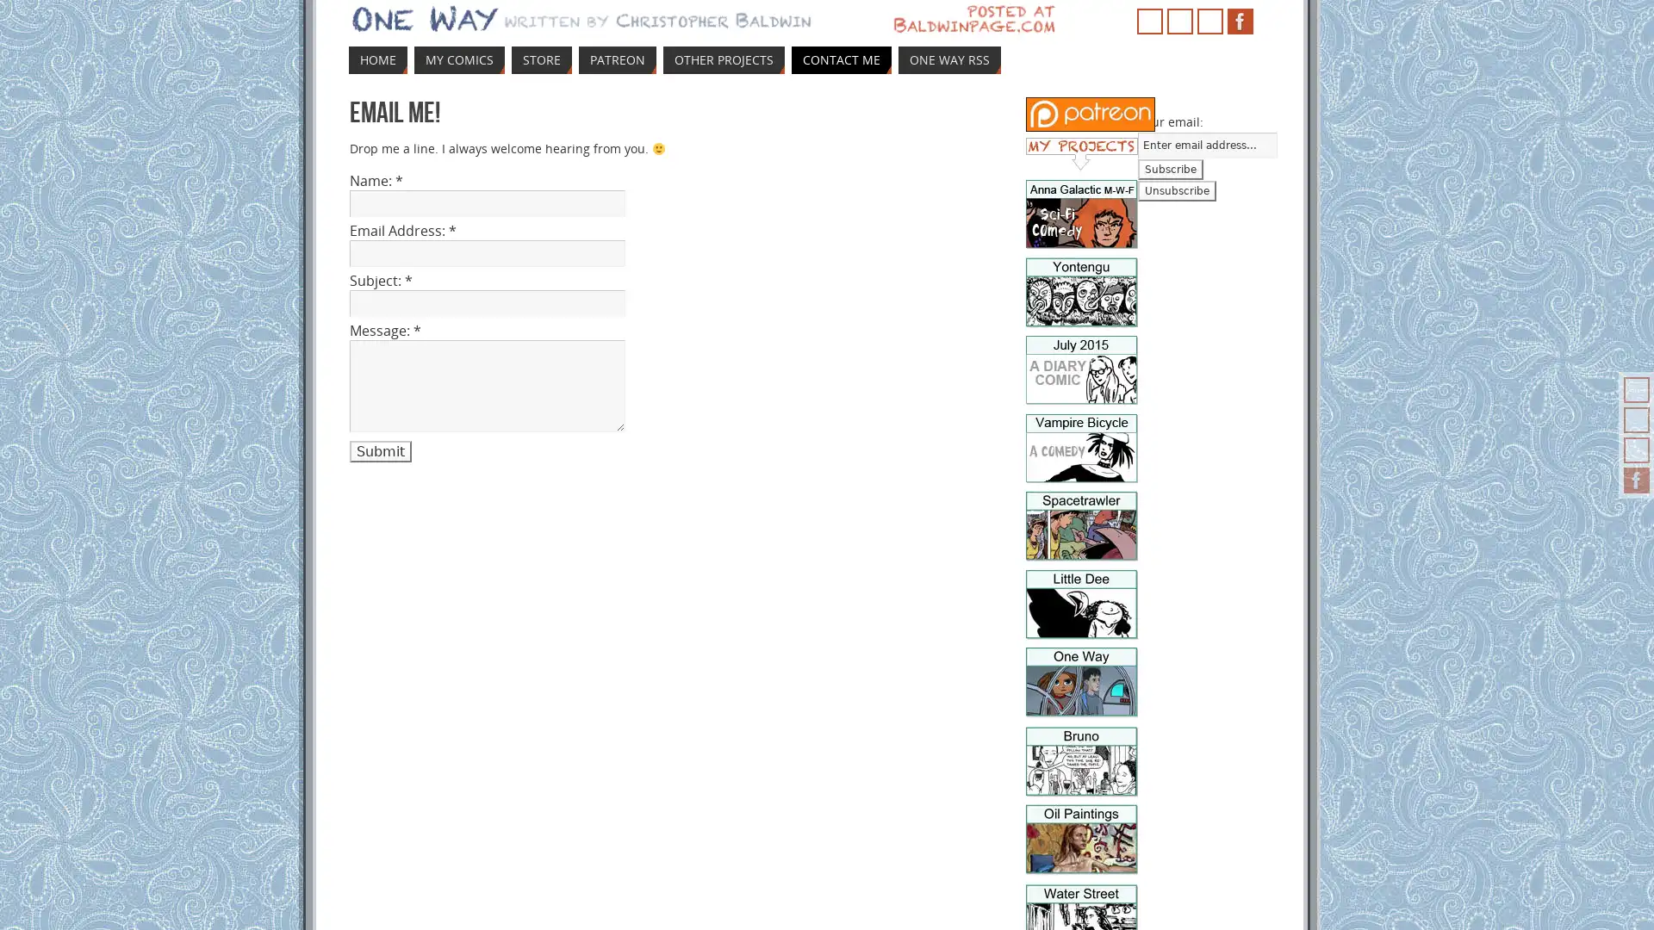 This screenshot has width=1654, height=930. I want to click on Subscribe, so click(1170, 169).